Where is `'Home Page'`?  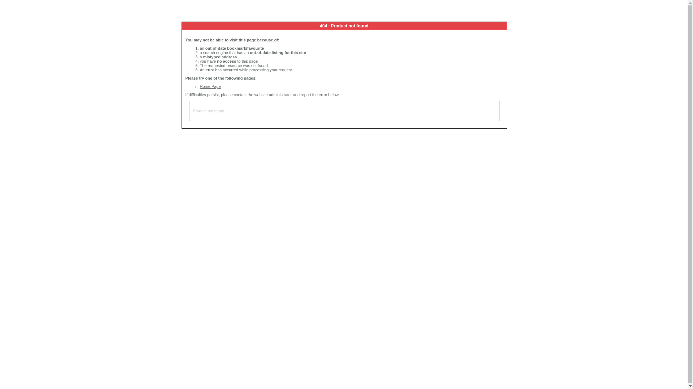 'Home Page' is located at coordinates (210, 86).